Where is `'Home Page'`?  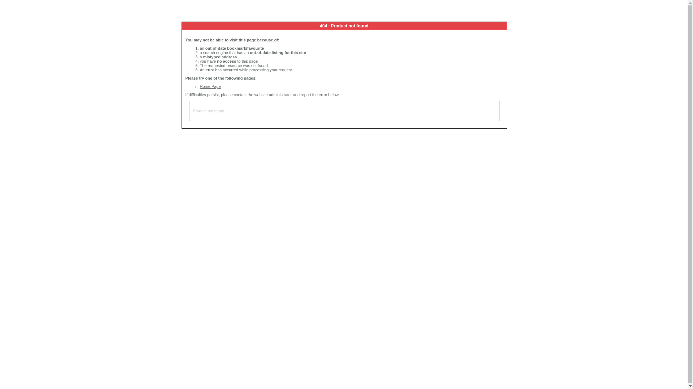 'Home Page' is located at coordinates (210, 86).